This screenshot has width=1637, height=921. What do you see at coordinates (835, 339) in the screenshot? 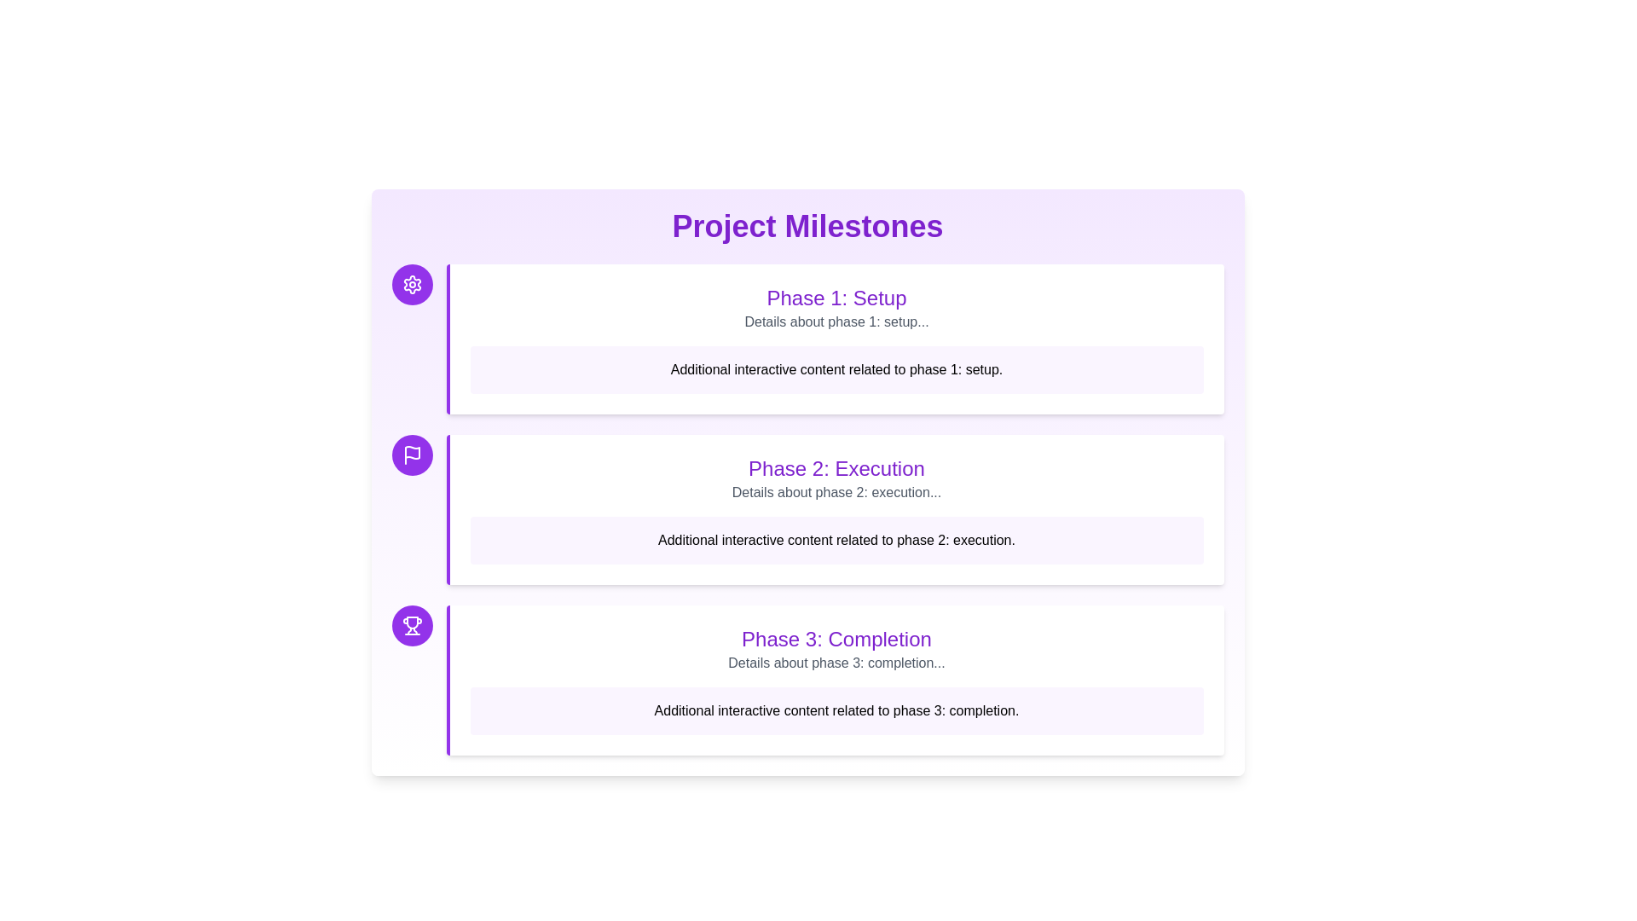
I see `the elements contained within the display box for the first phase of the project plan, located under 'Project Milestones'` at bounding box center [835, 339].